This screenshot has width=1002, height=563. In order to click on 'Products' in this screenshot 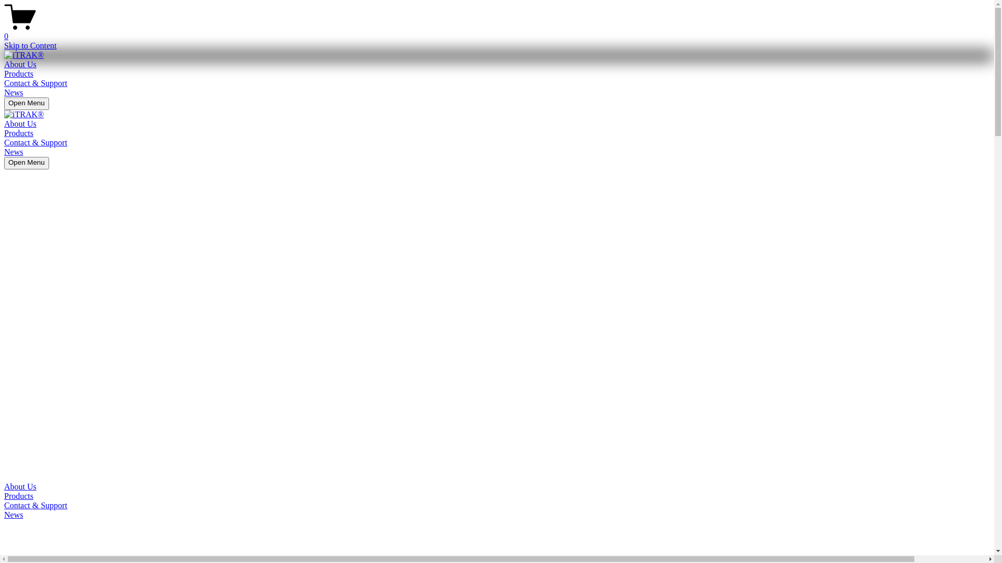, I will do `click(4, 496)`.